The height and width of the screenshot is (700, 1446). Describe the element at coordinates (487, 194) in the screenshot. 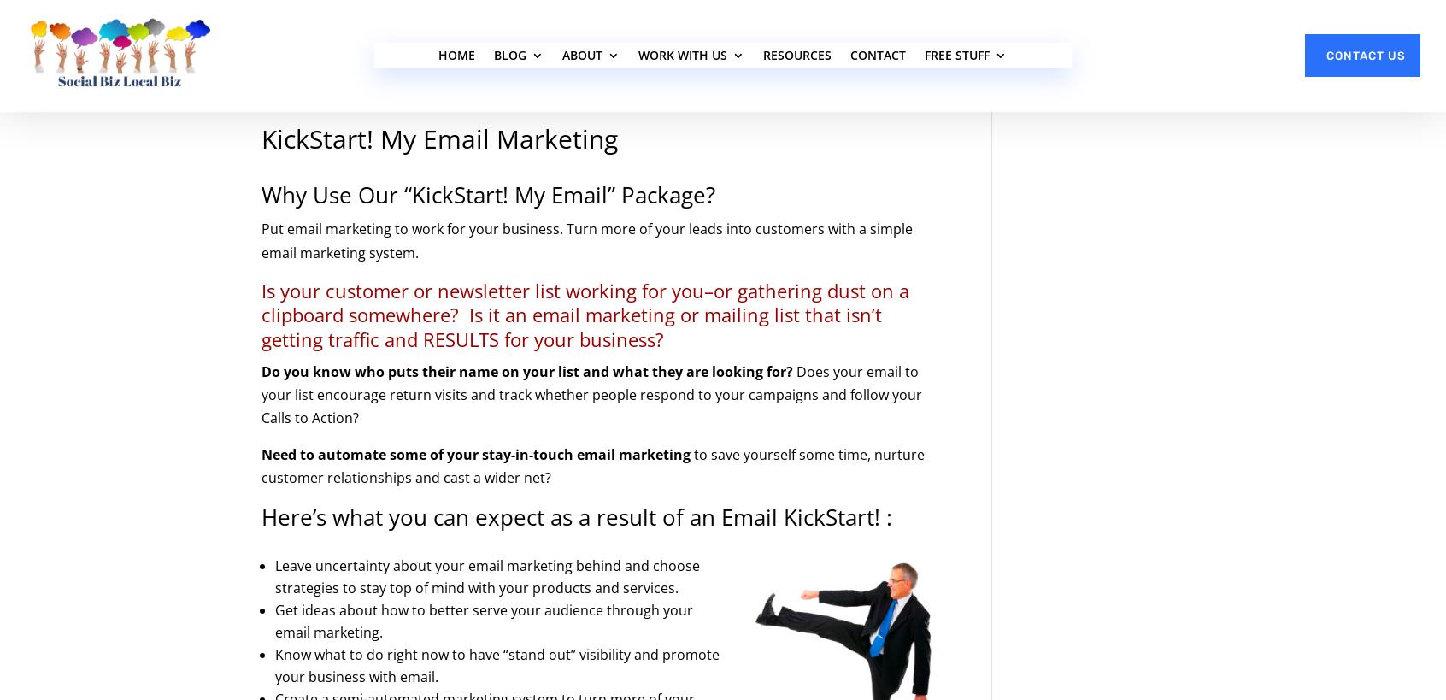

I see `'Why Use Our “KickStart! My Email” Package?'` at that location.